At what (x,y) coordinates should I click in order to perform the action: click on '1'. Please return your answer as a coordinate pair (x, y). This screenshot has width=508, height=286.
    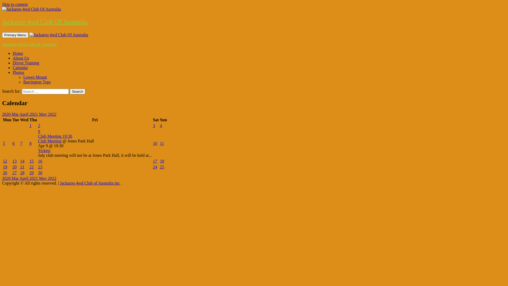
    Looking at the image, I should click on (30, 126).